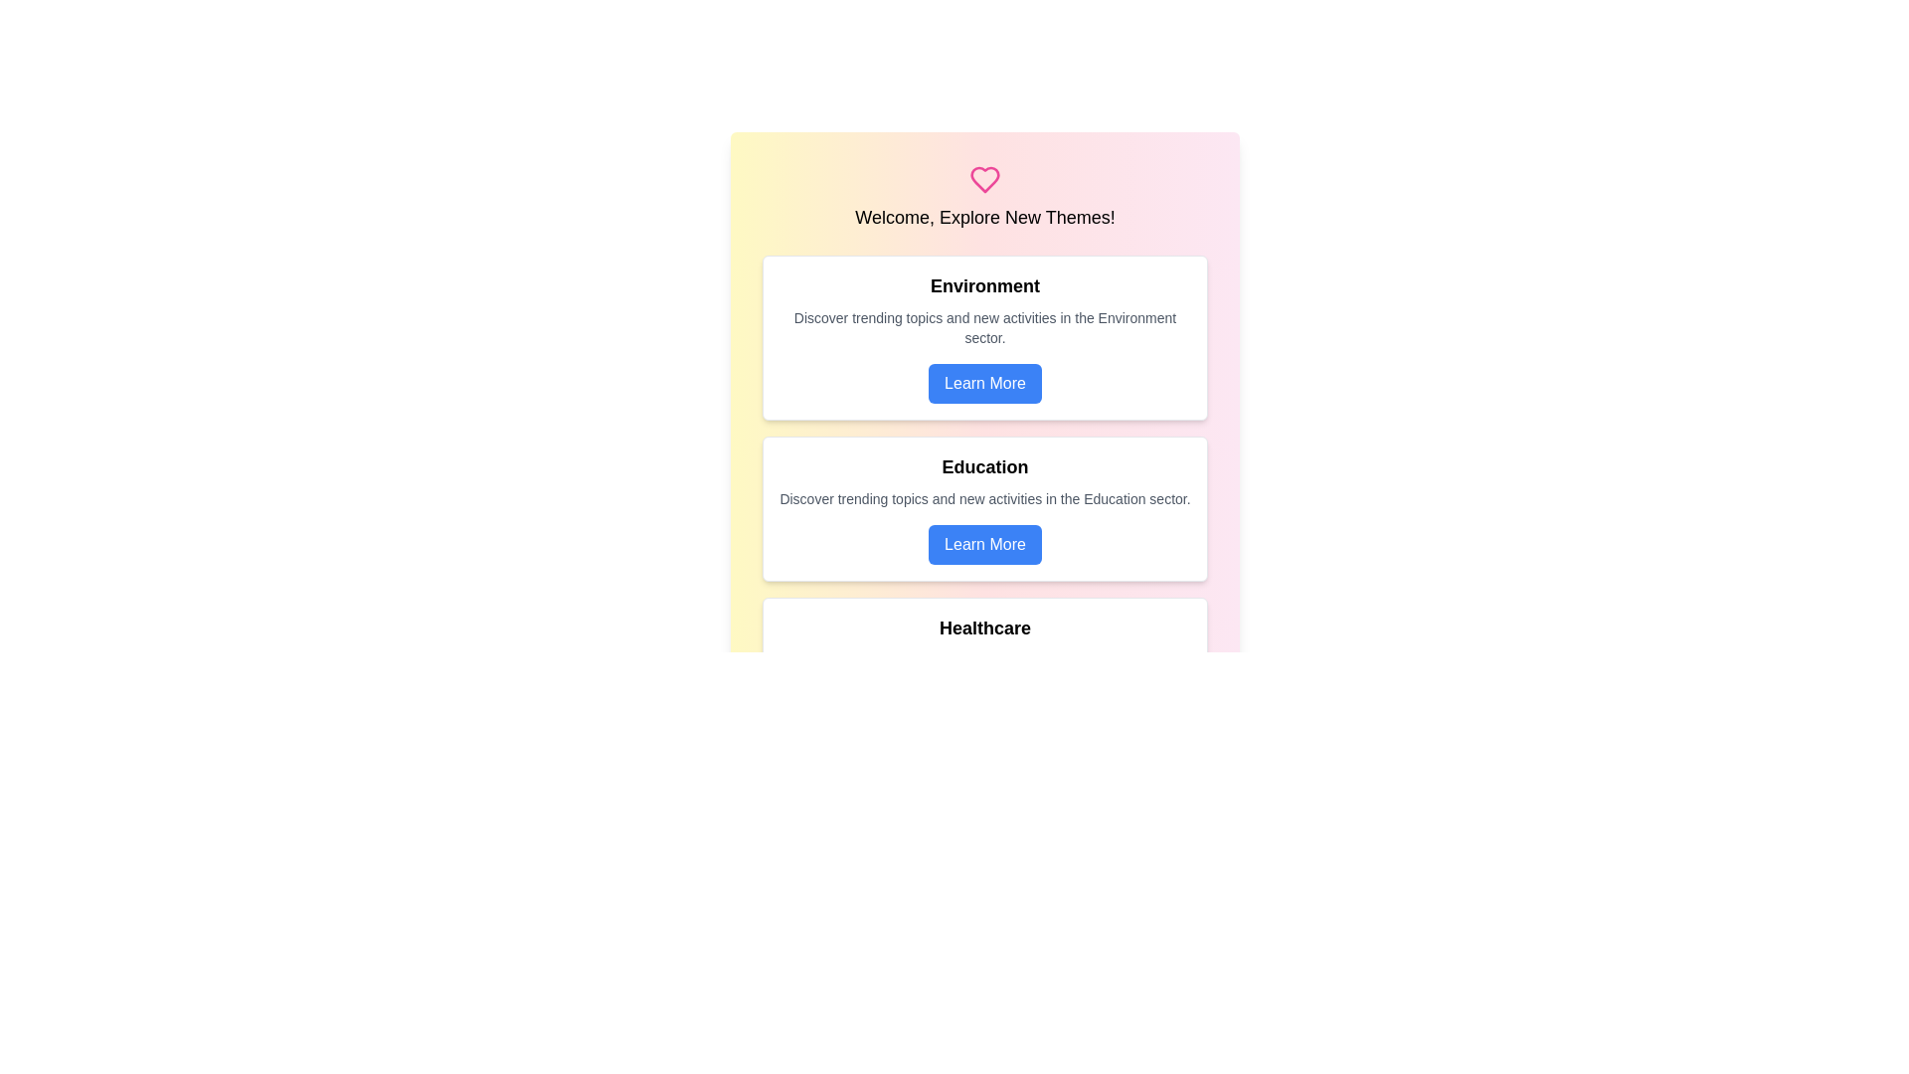 Image resolution: width=1909 pixels, height=1074 pixels. I want to click on the button located below the text 'Discover trending topics and new activities in the Education sector.' within the 'Education' card, so click(984, 544).